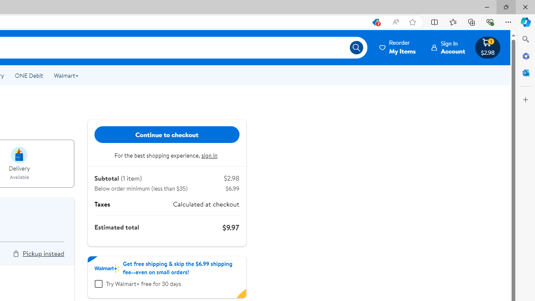 This screenshot has height=301, width=535. I want to click on 'Reorder My Items', so click(397, 47).